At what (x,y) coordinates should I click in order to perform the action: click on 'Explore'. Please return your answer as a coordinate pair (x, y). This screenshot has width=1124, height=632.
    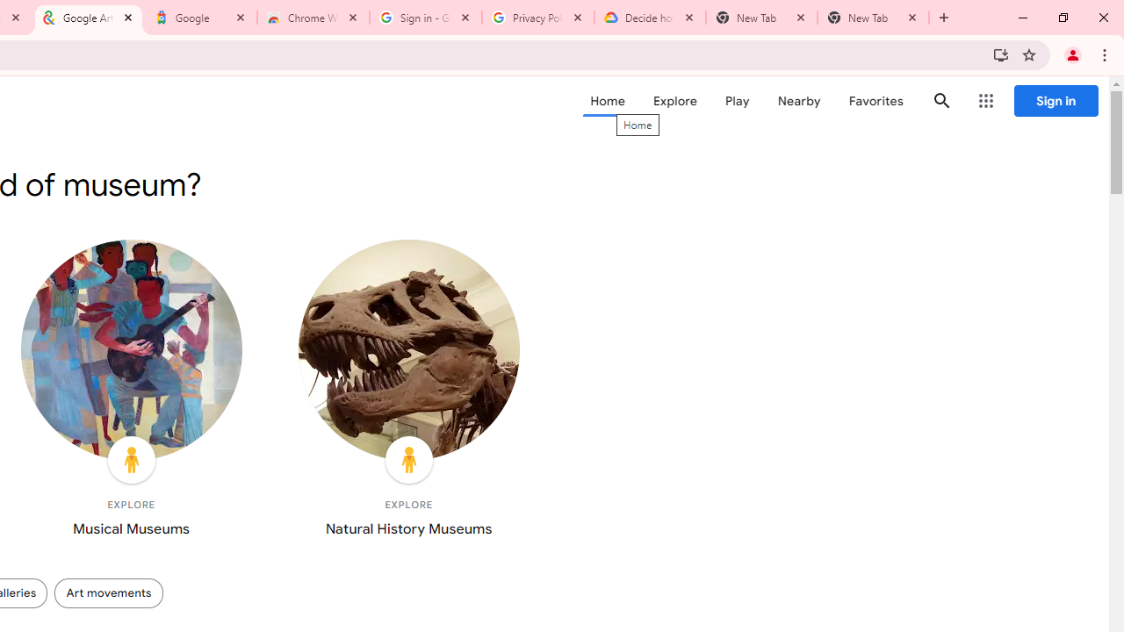
    Looking at the image, I should click on (674, 101).